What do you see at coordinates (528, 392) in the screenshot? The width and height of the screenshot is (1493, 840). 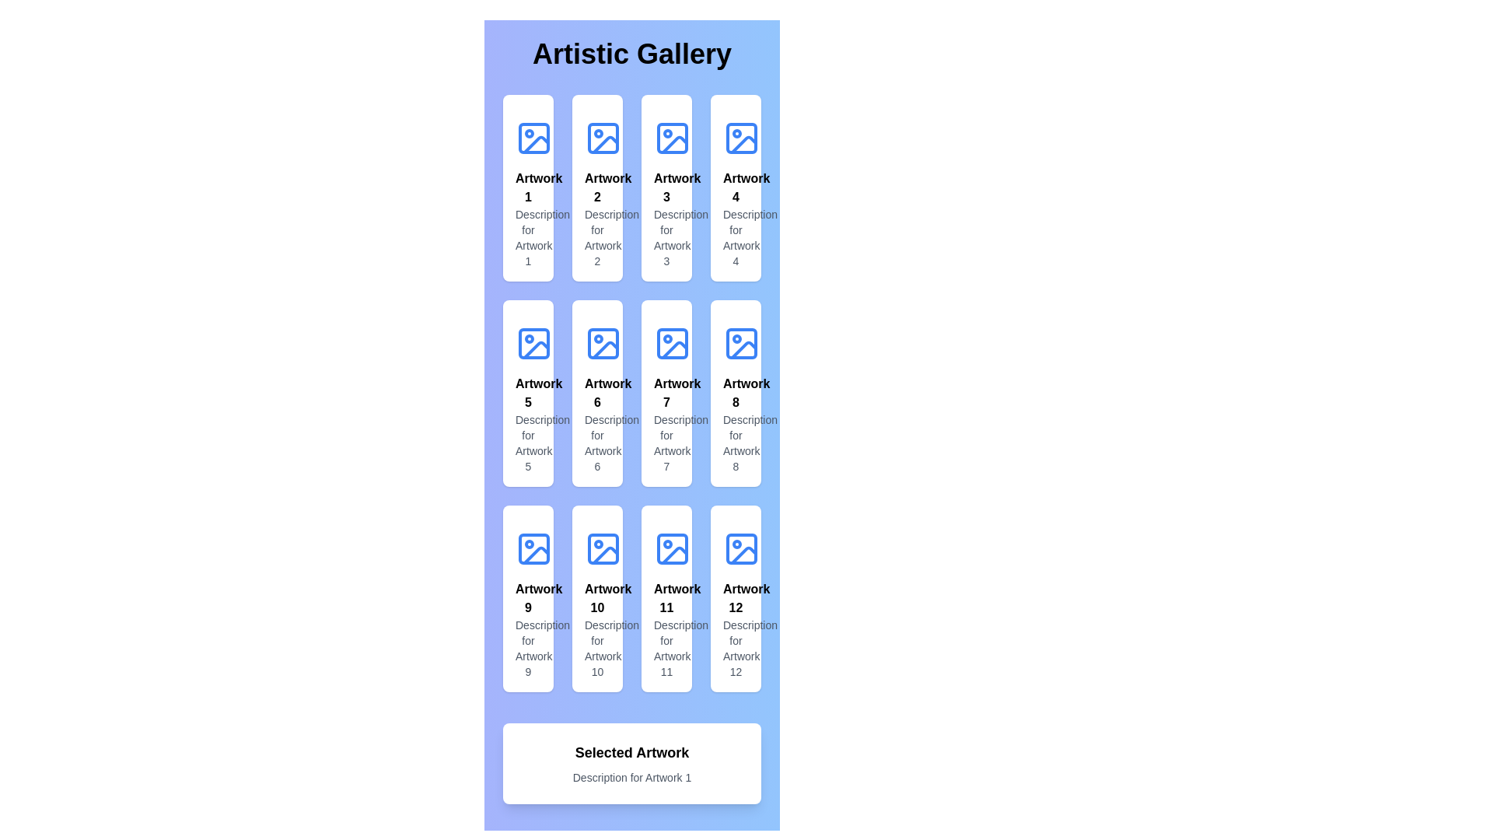 I see `the text label displaying 'Artwork 5', which is part of a grid of artwork cards and is positioned below 'Artwork 1' and to the left of 'Artwork 6'` at bounding box center [528, 392].